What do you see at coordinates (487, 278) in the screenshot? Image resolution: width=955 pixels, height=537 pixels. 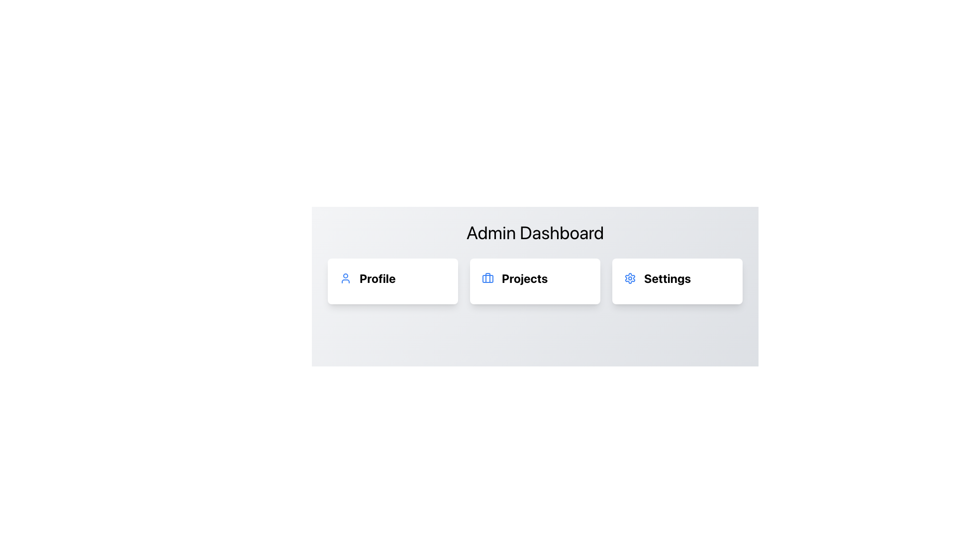 I see `the right vertical line segment of the suitcase icon, which is part of the structural outline and positioned to the right side of the suitcase handle, located above the text 'Projects'` at bounding box center [487, 278].